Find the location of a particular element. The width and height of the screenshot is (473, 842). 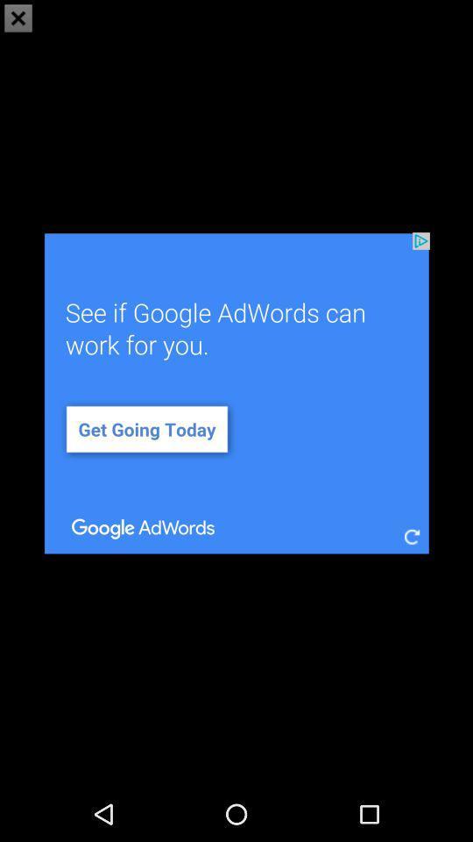

the close icon is located at coordinates (18, 18).